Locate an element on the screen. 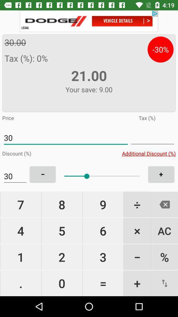  cancilation is located at coordinates (164, 204).